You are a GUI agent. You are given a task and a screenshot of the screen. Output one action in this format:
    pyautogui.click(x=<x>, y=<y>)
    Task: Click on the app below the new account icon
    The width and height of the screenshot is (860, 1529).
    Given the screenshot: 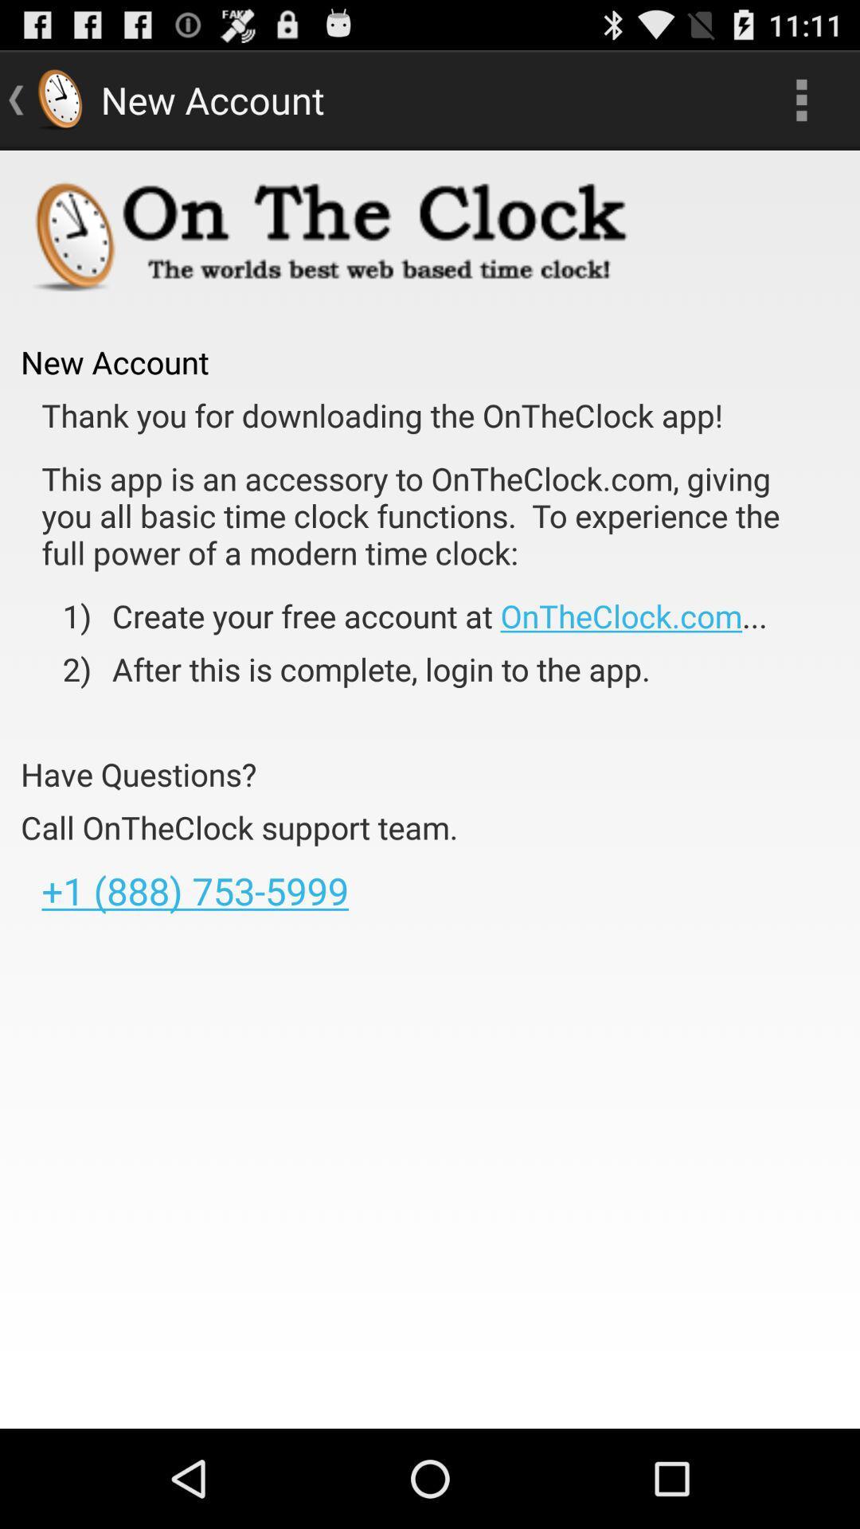 What is the action you would take?
    pyautogui.click(x=382, y=415)
    